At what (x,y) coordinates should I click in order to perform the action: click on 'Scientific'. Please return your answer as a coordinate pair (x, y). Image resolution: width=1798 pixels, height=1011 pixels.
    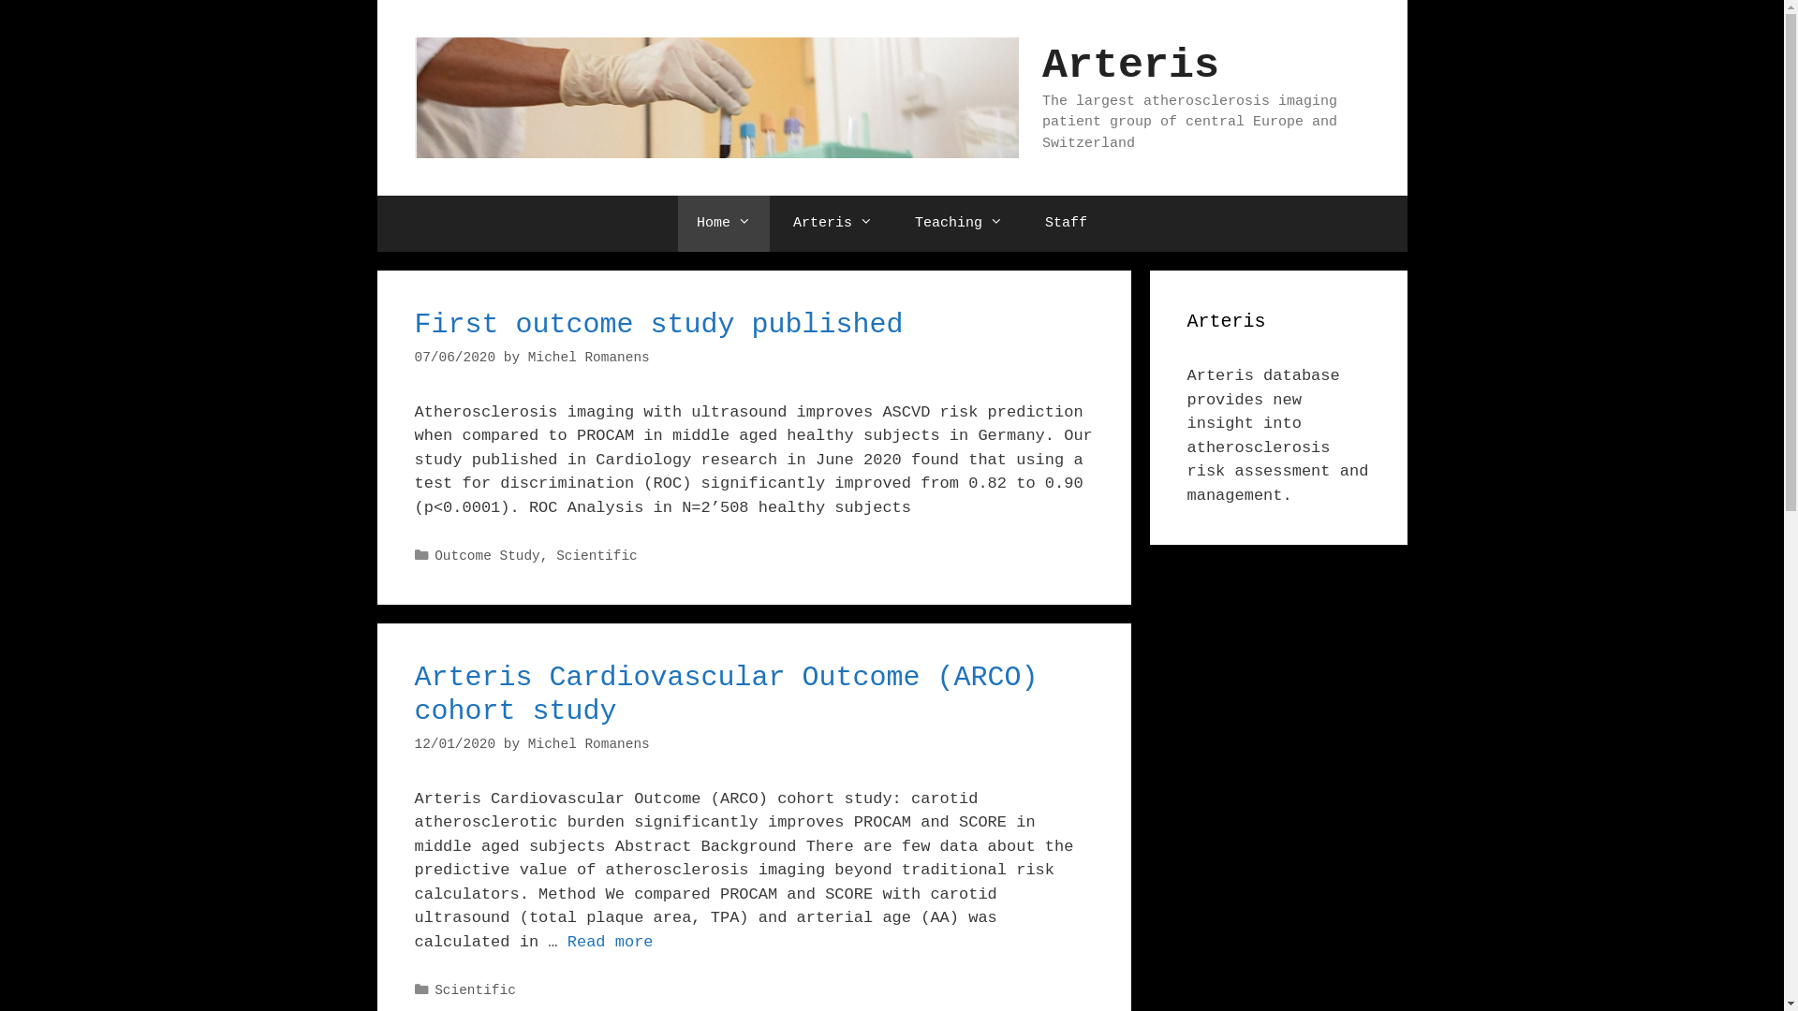
    Looking at the image, I should click on (596, 555).